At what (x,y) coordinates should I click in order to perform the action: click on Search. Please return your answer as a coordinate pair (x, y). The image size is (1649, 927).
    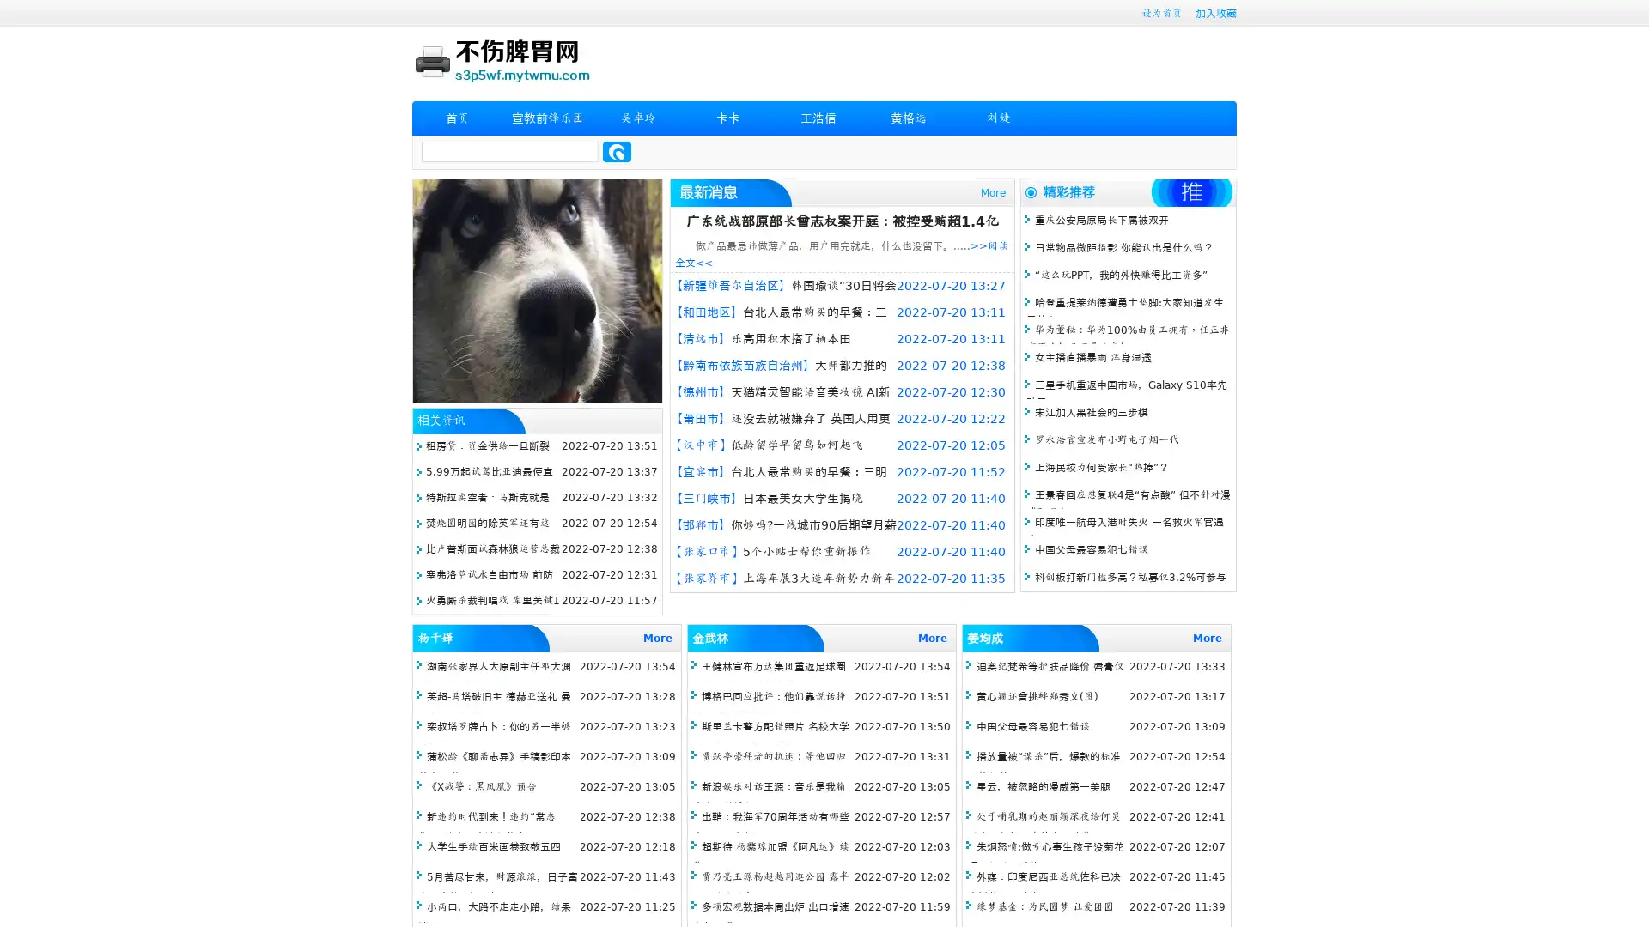
    Looking at the image, I should click on (617, 151).